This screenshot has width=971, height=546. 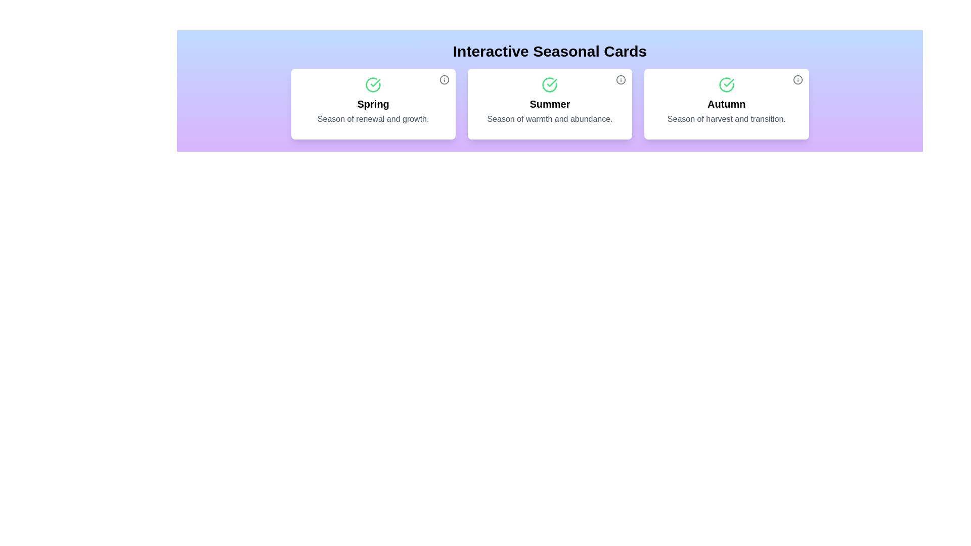 What do you see at coordinates (621, 79) in the screenshot?
I see `the circular 'info' icon located in the upper-right corner of the 'Summer' card` at bounding box center [621, 79].